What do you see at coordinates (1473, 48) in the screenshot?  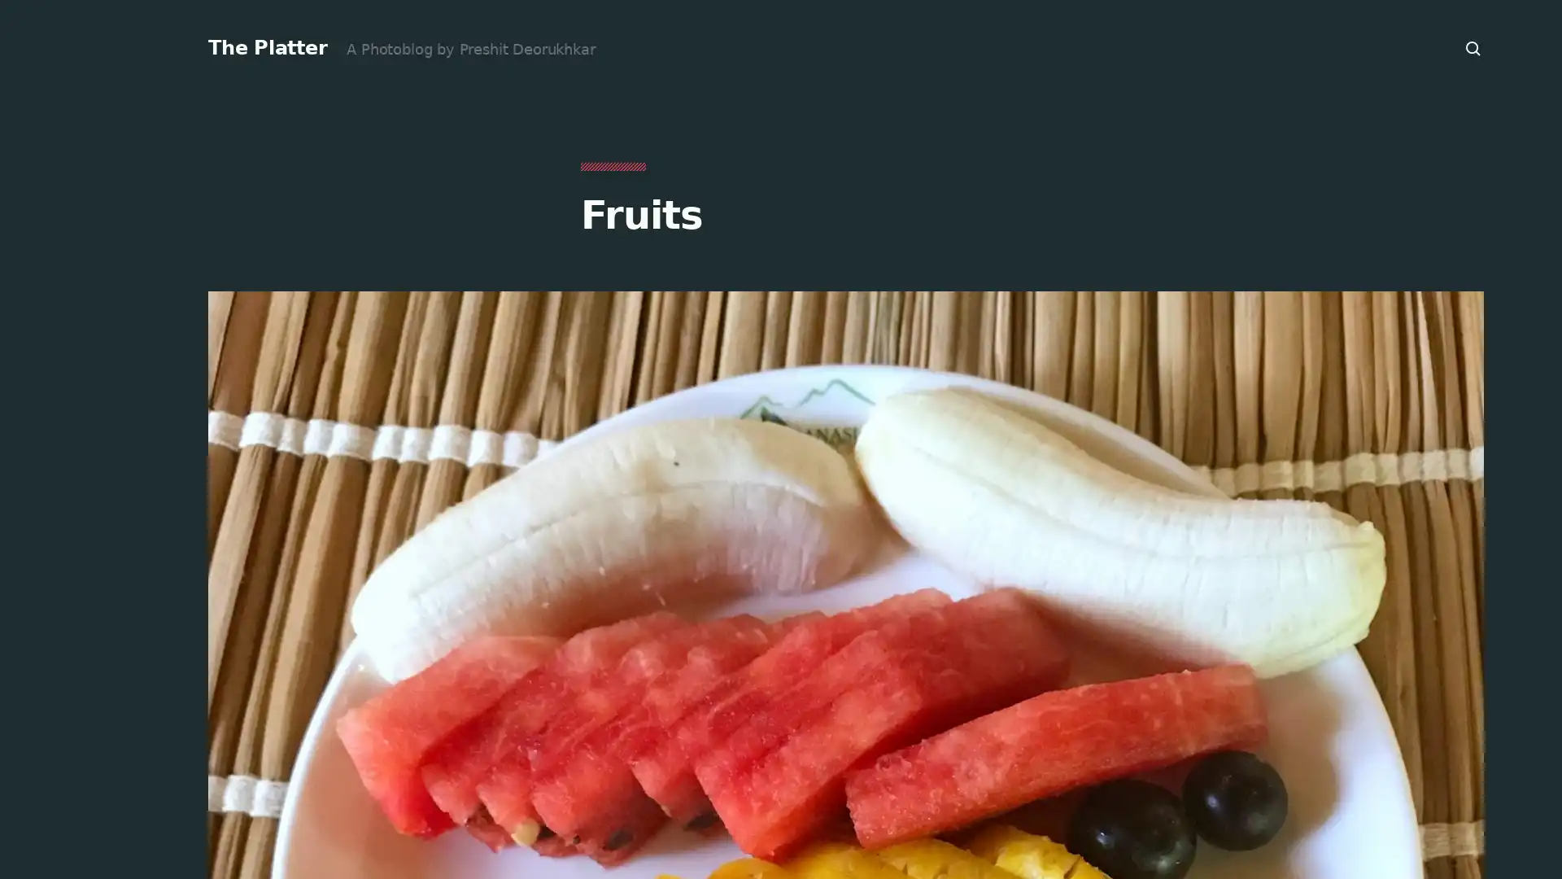 I see `Search` at bounding box center [1473, 48].